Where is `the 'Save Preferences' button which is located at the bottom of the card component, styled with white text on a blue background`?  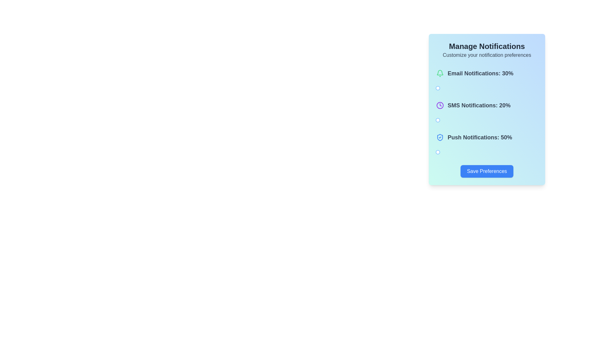
the 'Save Preferences' button which is located at the bottom of the card component, styled with white text on a blue background is located at coordinates (487, 171).